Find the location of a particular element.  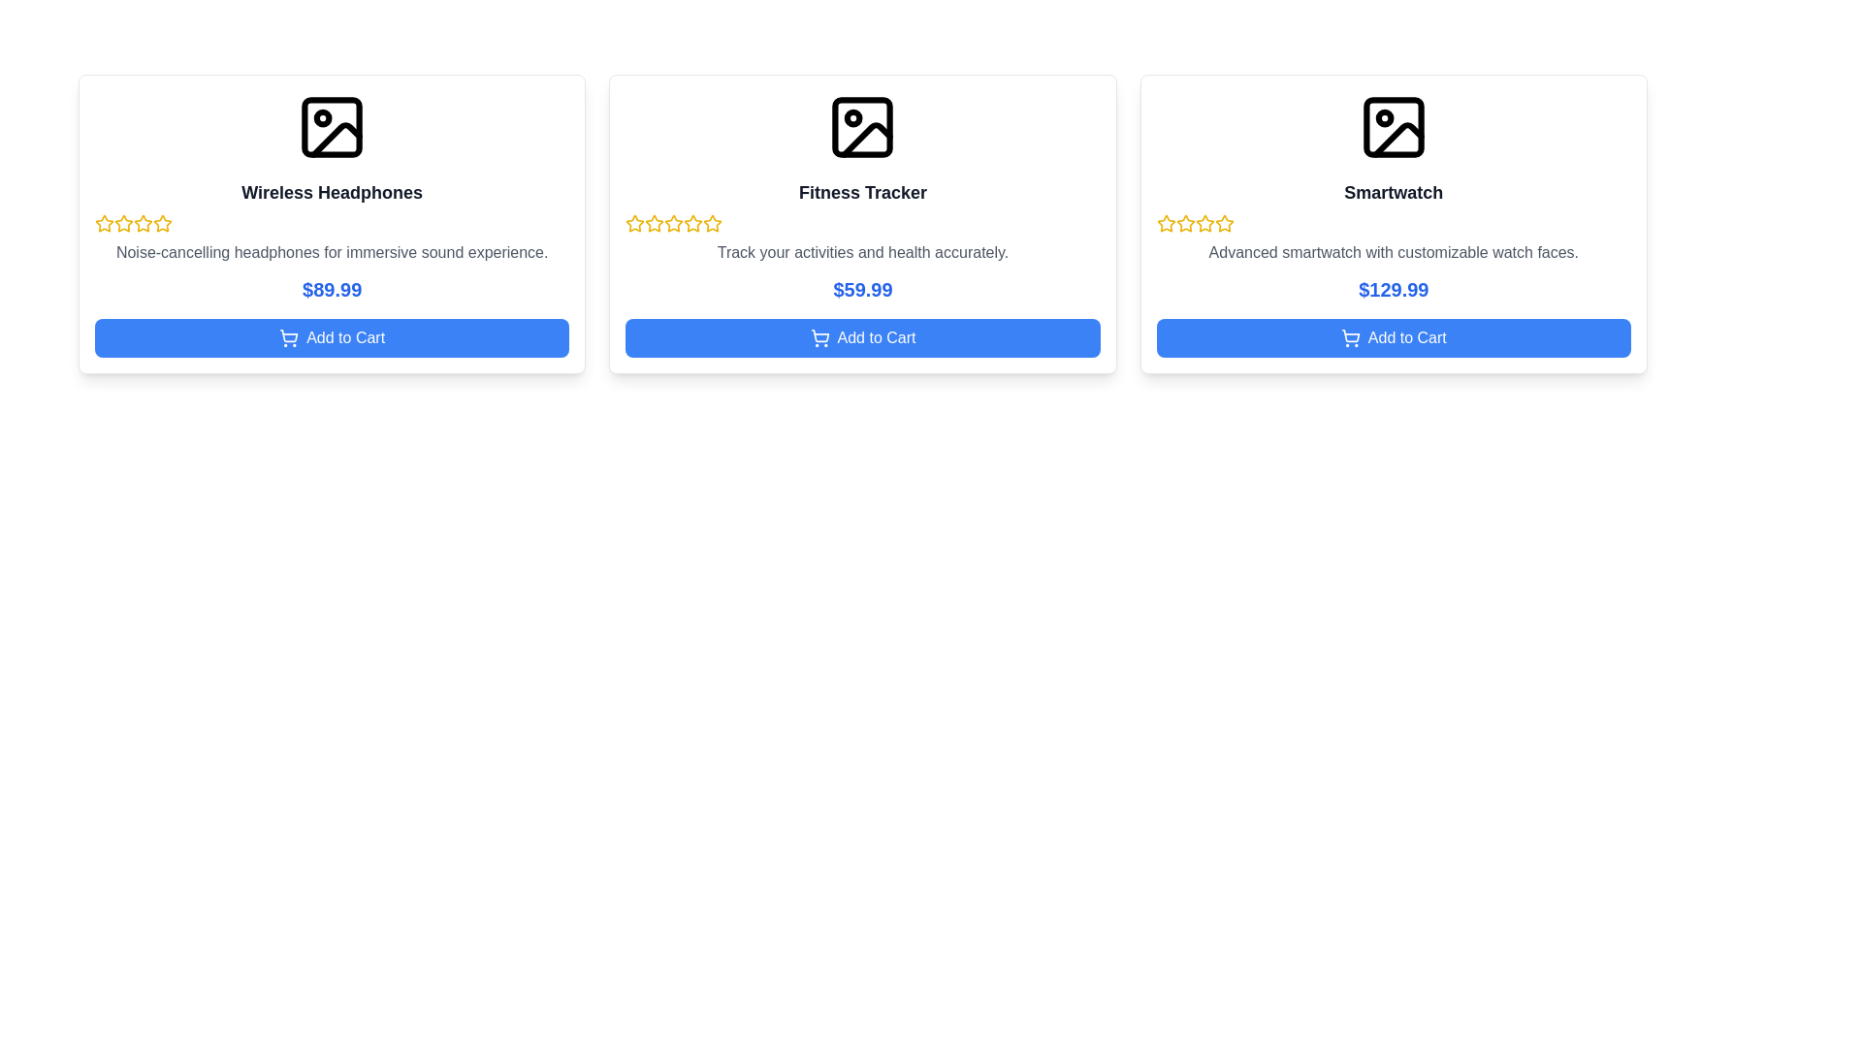

the product description text located below the 'Smartwatch' heading and above the price '$129.99' in the product card on the rightmost side of the row is located at coordinates (1393, 252).